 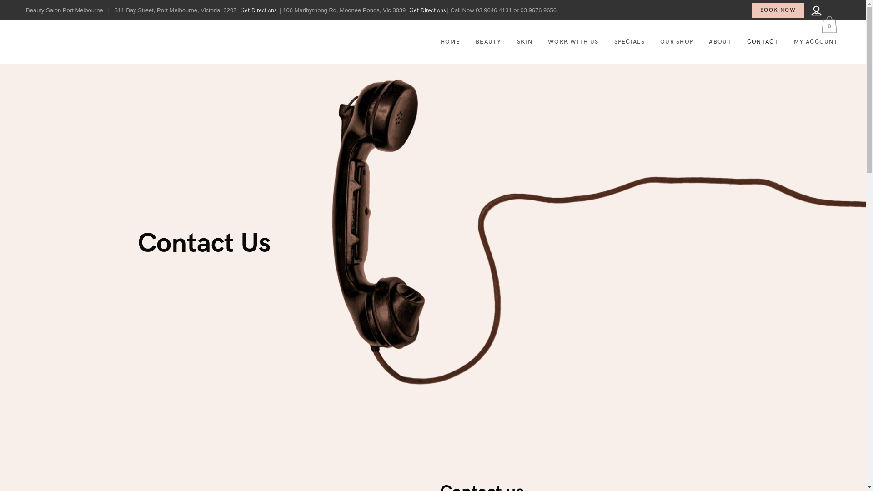 I want to click on 'OUR SHOP', so click(x=677, y=42).